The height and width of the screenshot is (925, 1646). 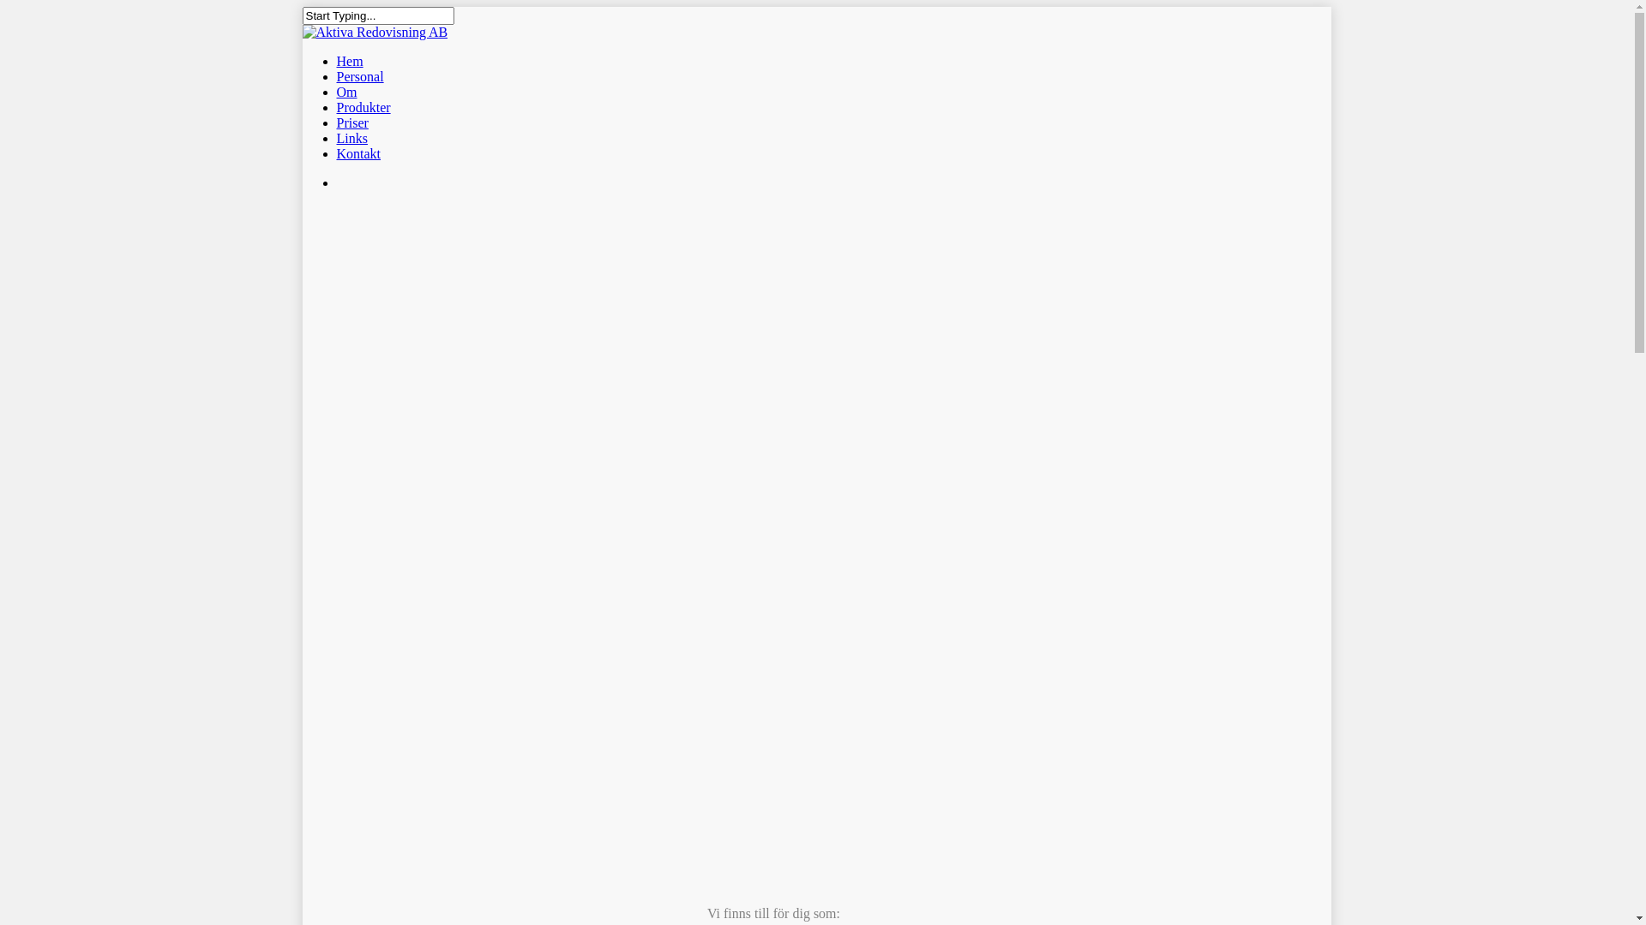 What do you see at coordinates (358, 75) in the screenshot?
I see `'Personal'` at bounding box center [358, 75].